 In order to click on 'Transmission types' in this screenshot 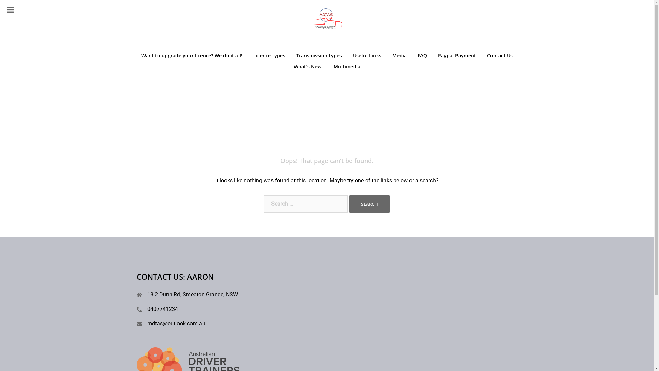, I will do `click(318, 55)`.